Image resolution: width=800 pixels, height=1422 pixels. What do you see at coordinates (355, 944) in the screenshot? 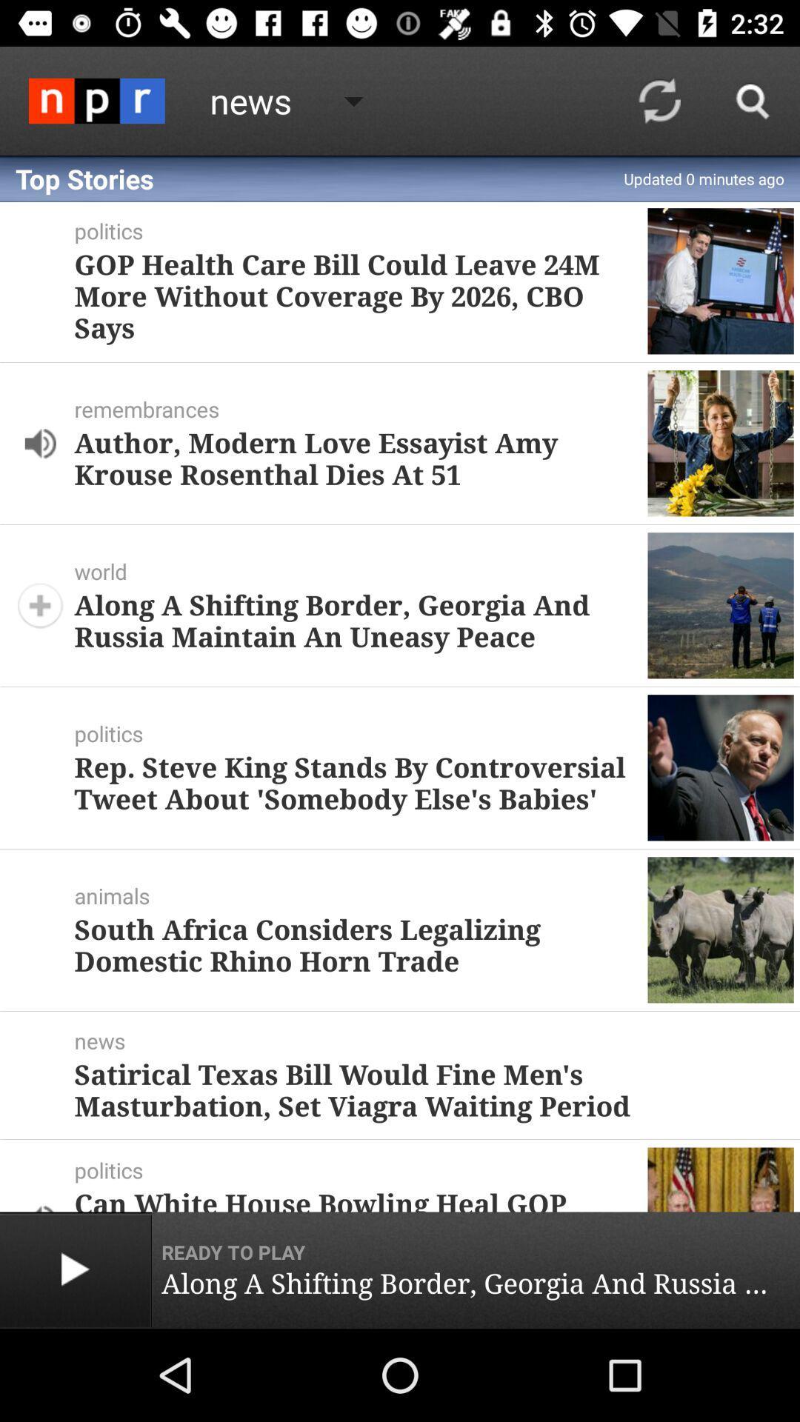
I see `the south africa considers` at bounding box center [355, 944].